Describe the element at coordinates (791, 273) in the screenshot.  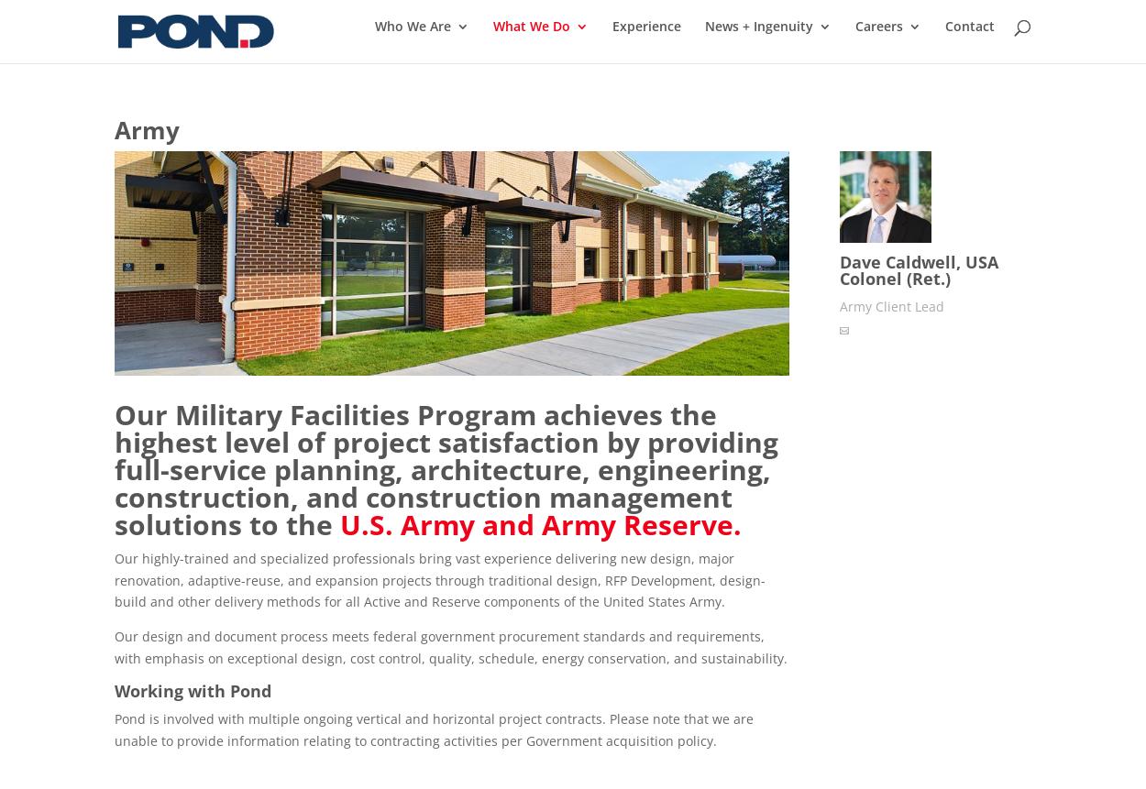
I see `'Bridge Design'` at that location.